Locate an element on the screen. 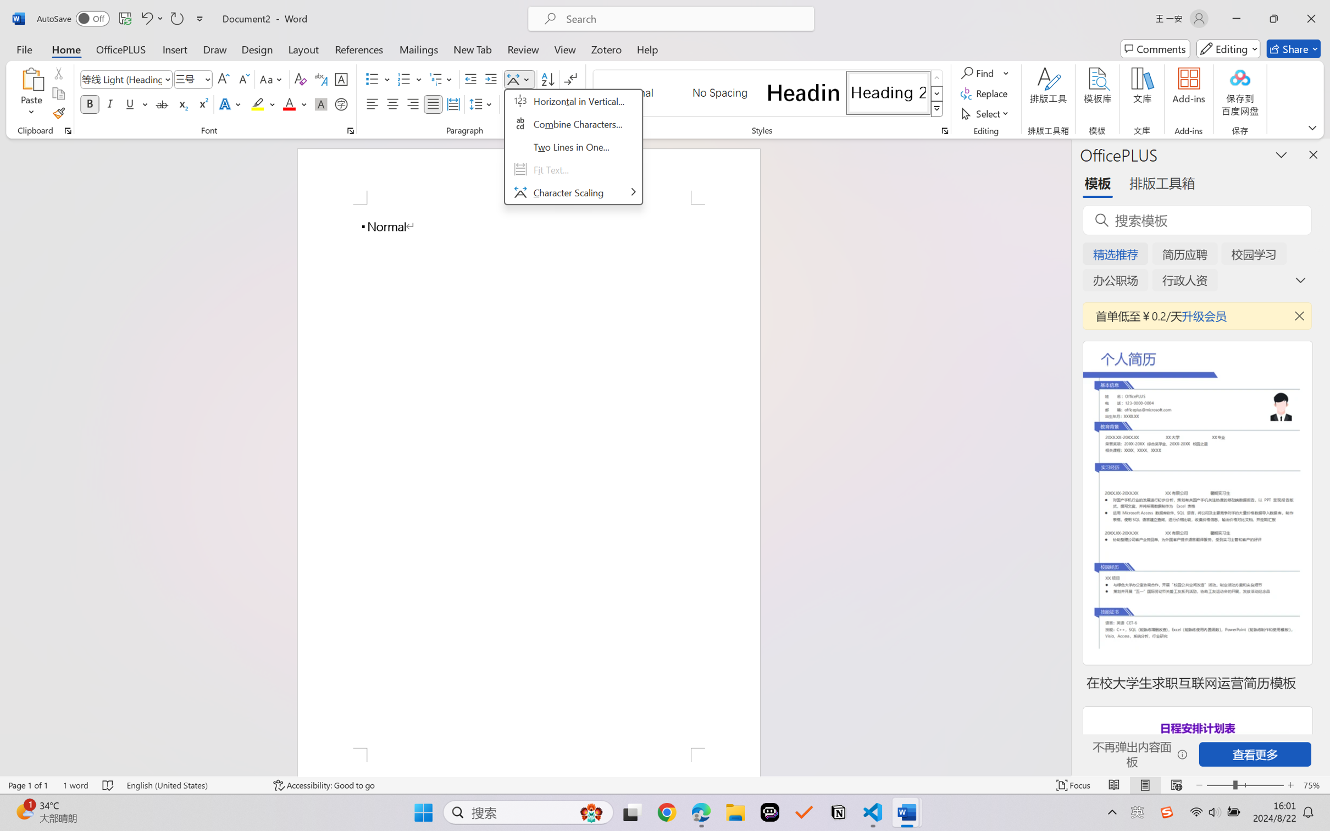 The width and height of the screenshot is (1330, 831). 'Language English (United States)' is located at coordinates (192, 785).